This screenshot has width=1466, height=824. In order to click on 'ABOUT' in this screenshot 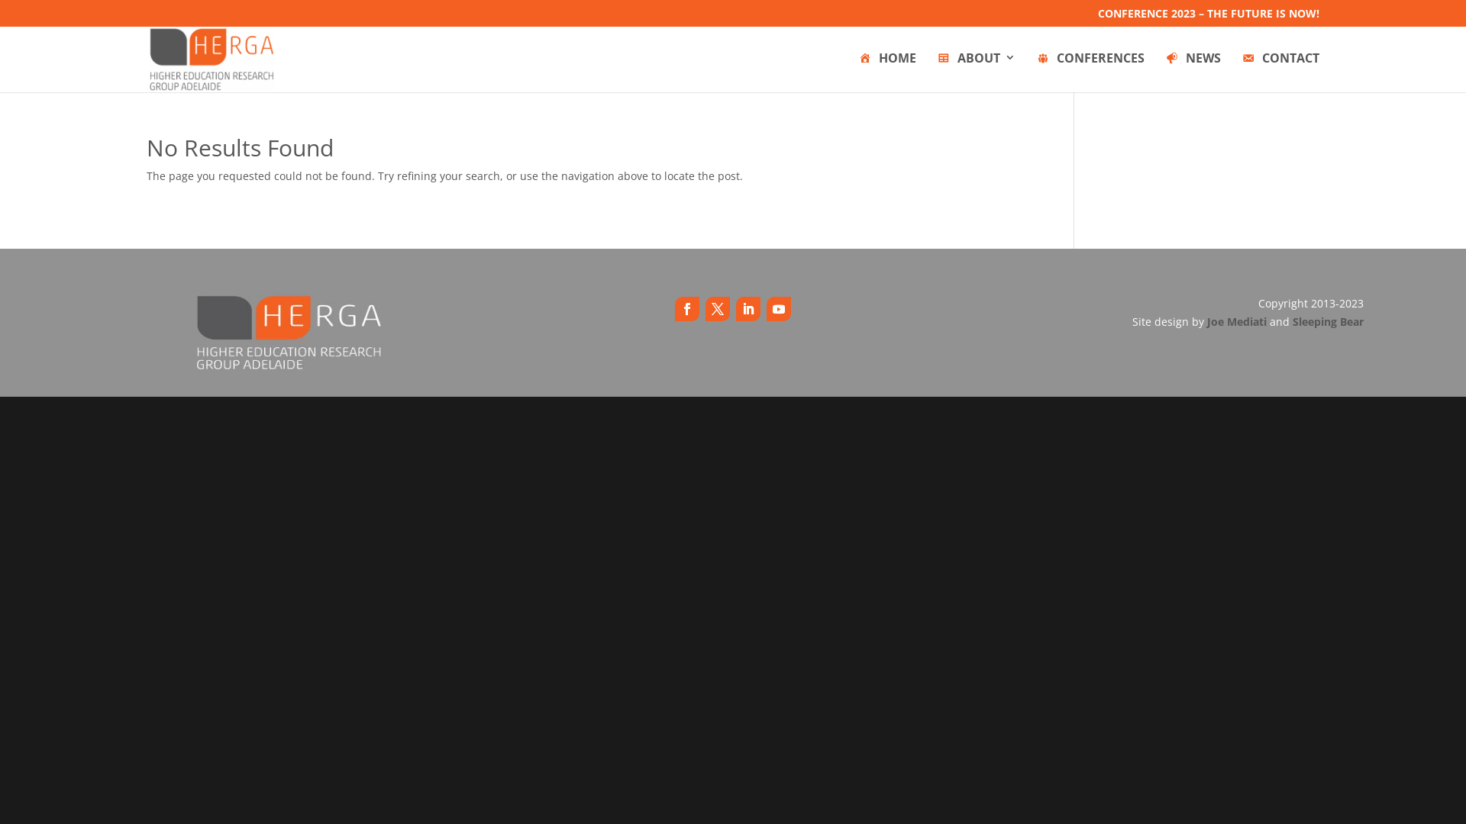, I will do `click(974, 72)`.